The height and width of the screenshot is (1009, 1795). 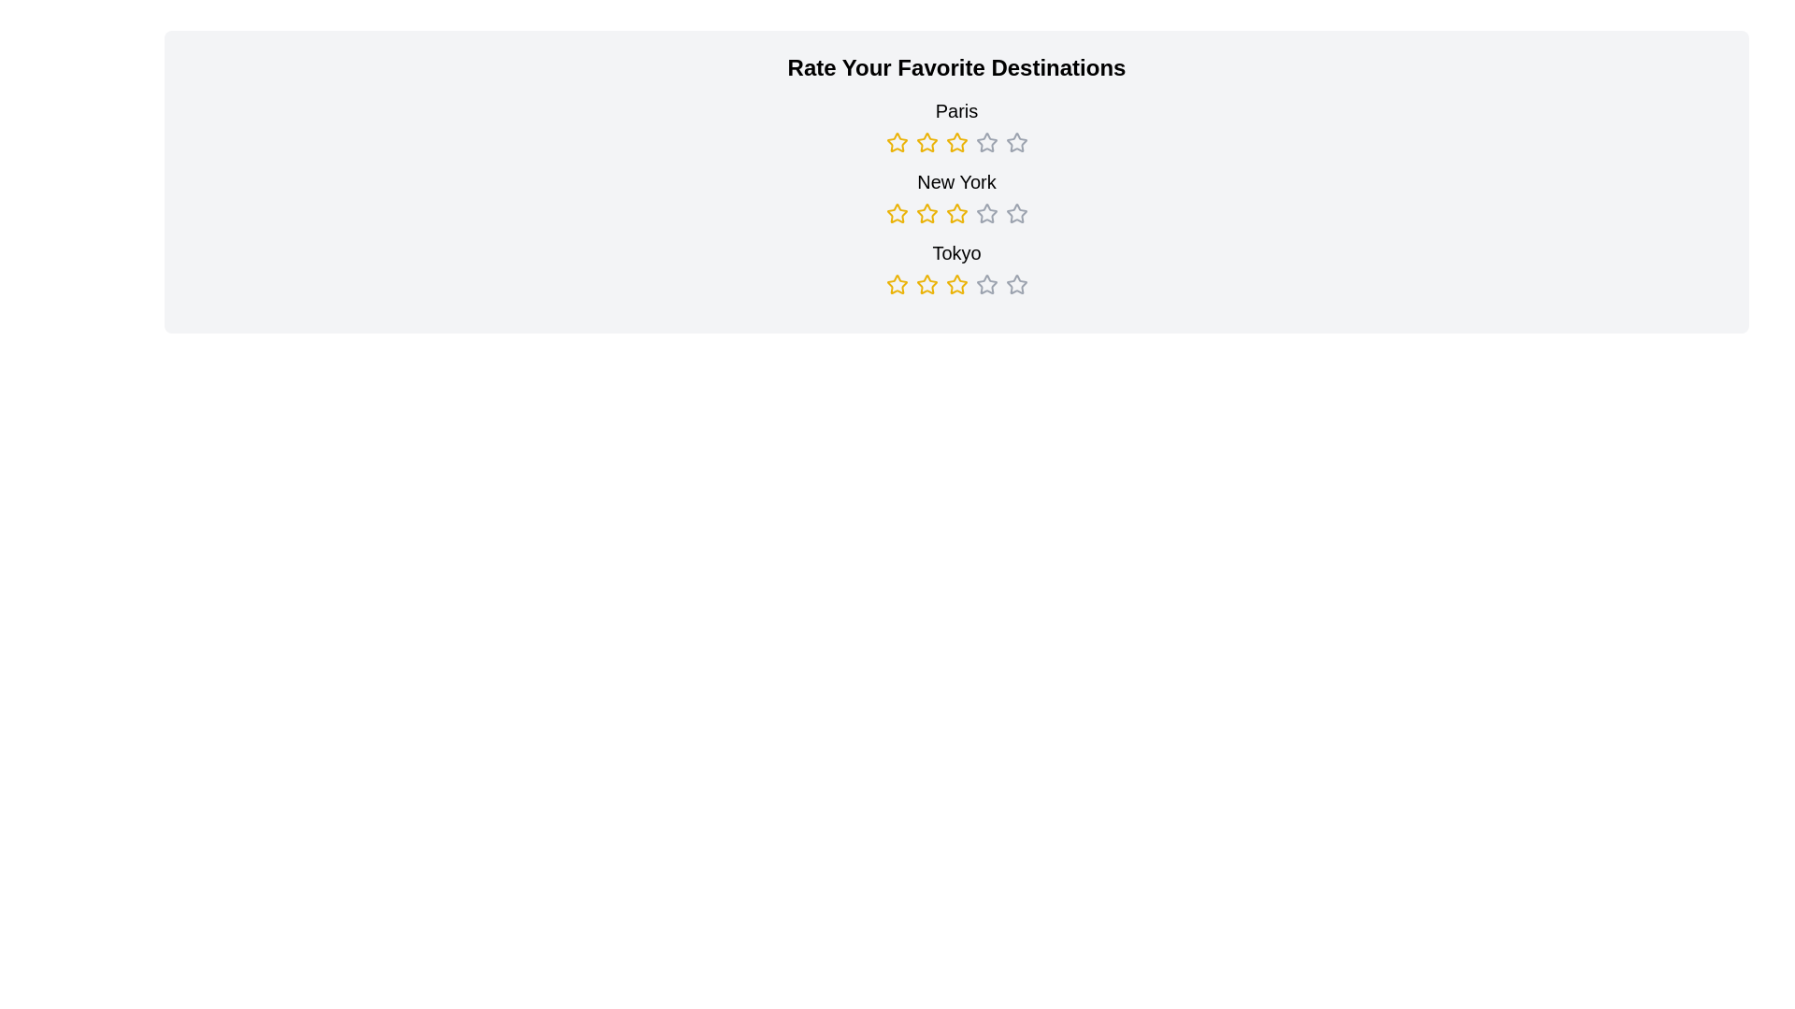 I want to click on the interactive star icon with a gray outline in the first row for the 'Paris' rating, which is the fourth star in the sequence, so click(x=985, y=142).